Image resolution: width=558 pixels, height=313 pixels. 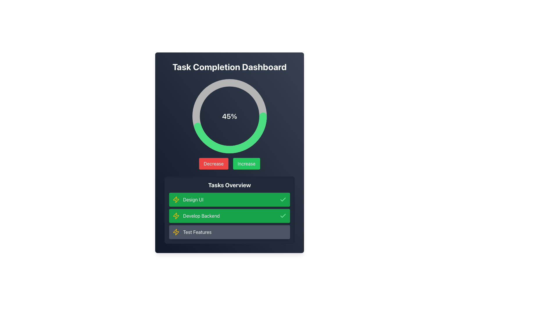 What do you see at coordinates (229, 185) in the screenshot?
I see `the purpose of the header text label located at the top of the task section` at bounding box center [229, 185].